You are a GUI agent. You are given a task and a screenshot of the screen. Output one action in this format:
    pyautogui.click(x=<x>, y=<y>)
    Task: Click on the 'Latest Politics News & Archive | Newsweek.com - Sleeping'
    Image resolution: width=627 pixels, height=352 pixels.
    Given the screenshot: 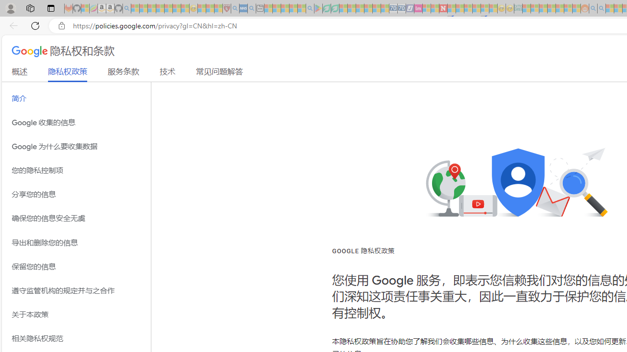 What is the action you would take?
    pyautogui.click(x=442, y=8)
    